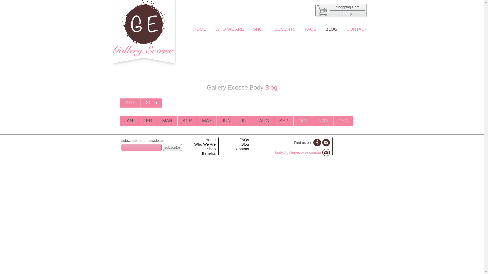 Image resolution: width=488 pixels, height=274 pixels. What do you see at coordinates (264, 121) in the screenshot?
I see `'AUG'` at bounding box center [264, 121].